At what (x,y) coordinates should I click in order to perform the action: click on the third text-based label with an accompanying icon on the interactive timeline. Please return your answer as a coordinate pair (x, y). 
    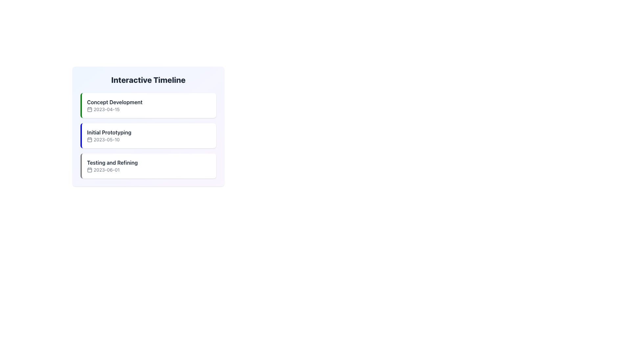
    Looking at the image, I should click on (112, 166).